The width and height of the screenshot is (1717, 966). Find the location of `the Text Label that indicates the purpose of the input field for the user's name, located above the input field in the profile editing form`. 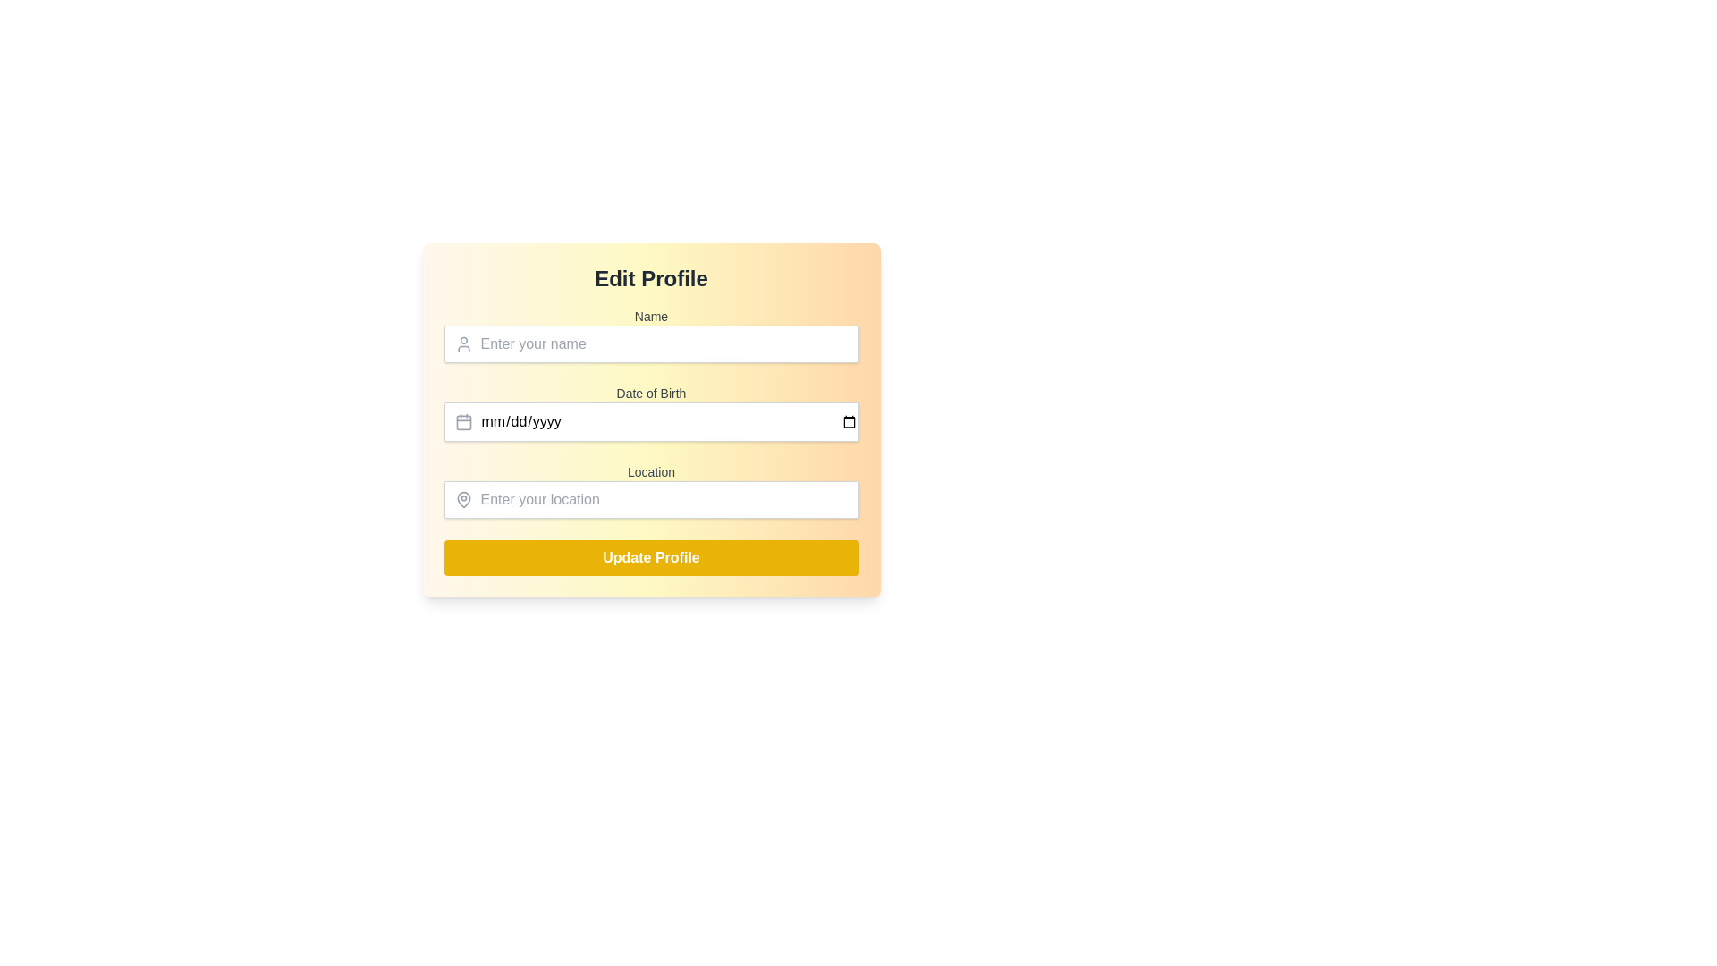

the Text Label that indicates the purpose of the input field for the user's name, located above the input field in the profile editing form is located at coordinates (650, 316).